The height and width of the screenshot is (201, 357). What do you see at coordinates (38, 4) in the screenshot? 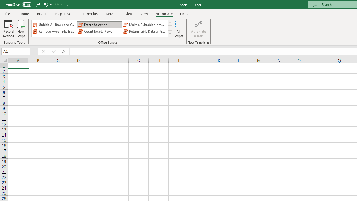
I see `'Quick Access Toolbar'` at bounding box center [38, 4].